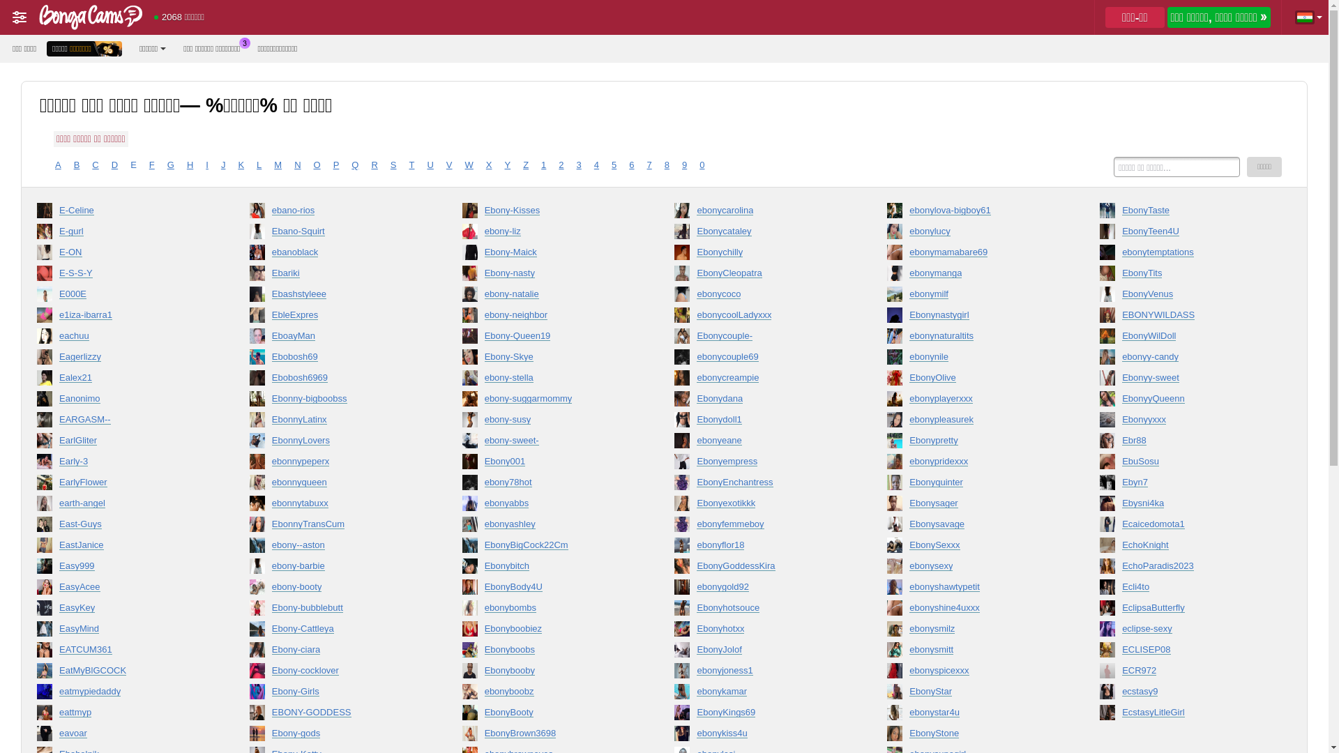  Describe the element at coordinates (335, 527) in the screenshot. I see `'EbonnyTransCum'` at that location.